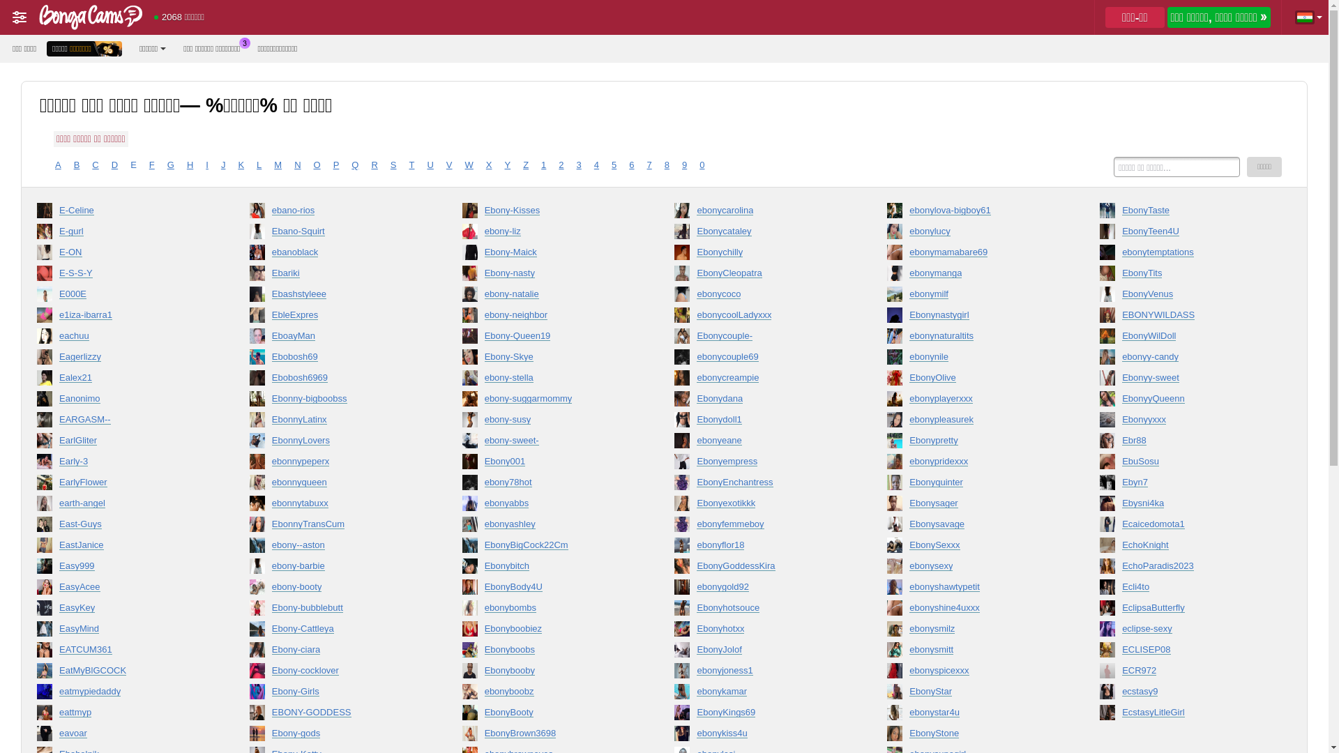  Describe the element at coordinates (335, 527) in the screenshot. I see `'EbonnyTransCum'` at that location.